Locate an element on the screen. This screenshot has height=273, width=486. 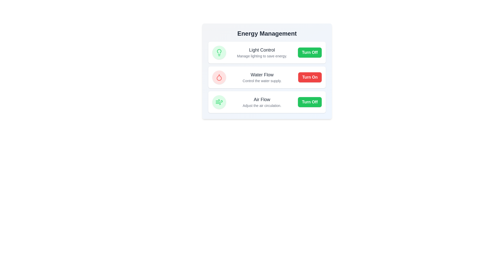
the 'Air Flow' text label, which is displayed in a medium-sized, bold font with a grayish-black color, located under 'Water Flow' is located at coordinates (262, 99).